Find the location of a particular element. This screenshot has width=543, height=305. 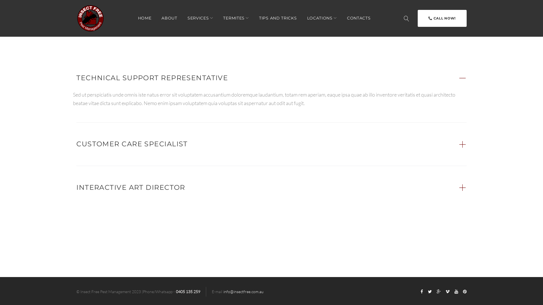

'HOME' is located at coordinates (145, 18).